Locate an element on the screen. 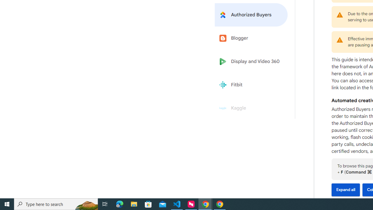 This screenshot has width=373, height=210. 'Learn more about Authorized Buyers' is located at coordinates (251, 14).